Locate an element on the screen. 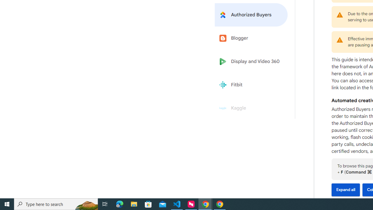 This screenshot has width=373, height=210. 'Learn more about Authorized Buyers' is located at coordinates (251, 14).